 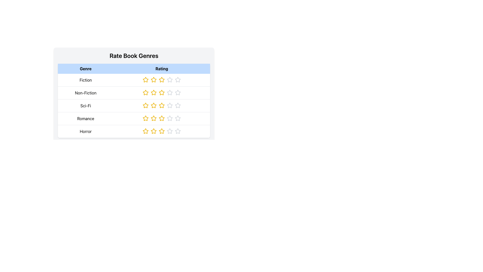 What do you see at coordinates (178, 92) in the screenshot?
I see `the fifth gray, hollow star icon in the 'Non-Fiction' row of the 'Rate Book Genres' table` at bounding box center [178, 92].